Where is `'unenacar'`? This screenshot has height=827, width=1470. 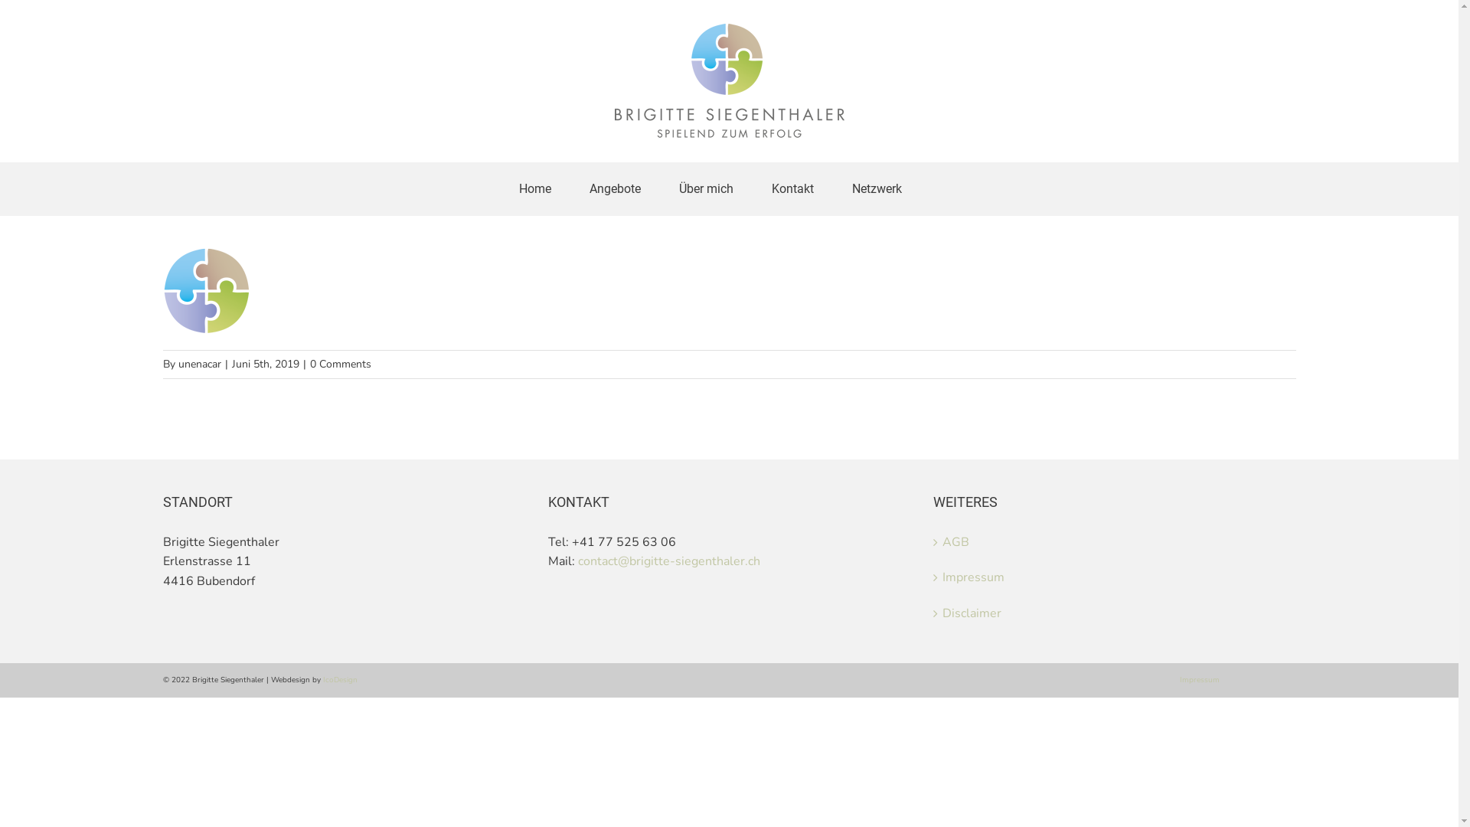
'unenacar' is located at coordinates (198, 364).